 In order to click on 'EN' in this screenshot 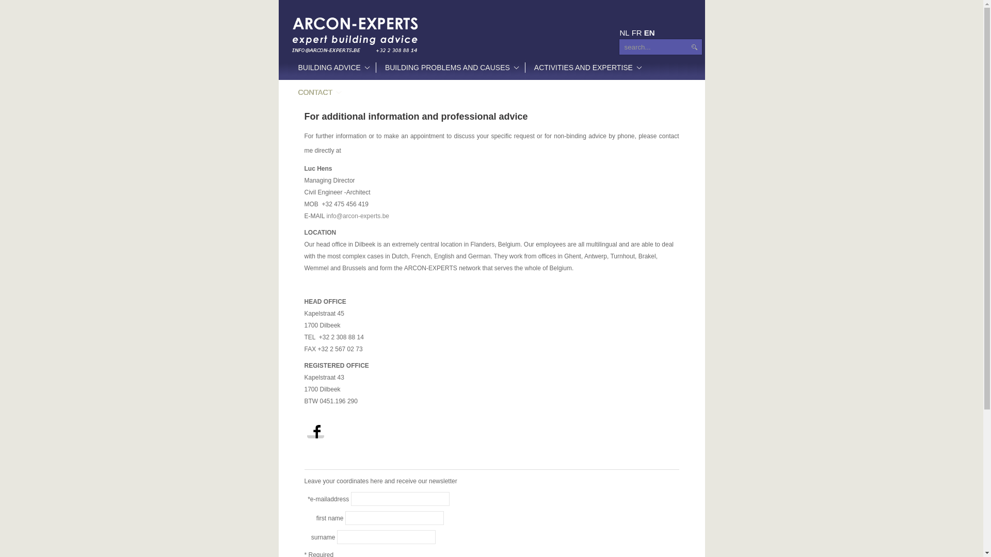, I will do `click(644, 32)`.